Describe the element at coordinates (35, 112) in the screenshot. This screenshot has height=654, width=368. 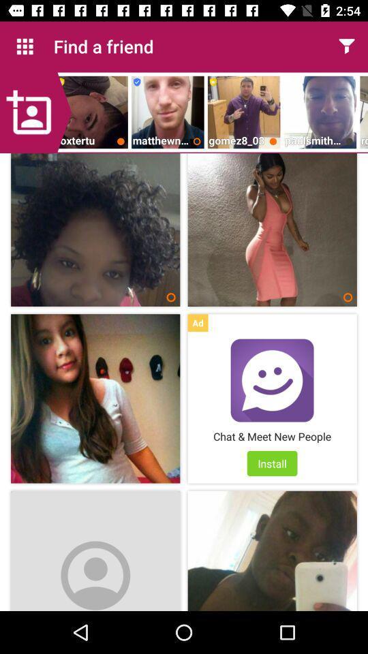
I see `upload image` at that location.